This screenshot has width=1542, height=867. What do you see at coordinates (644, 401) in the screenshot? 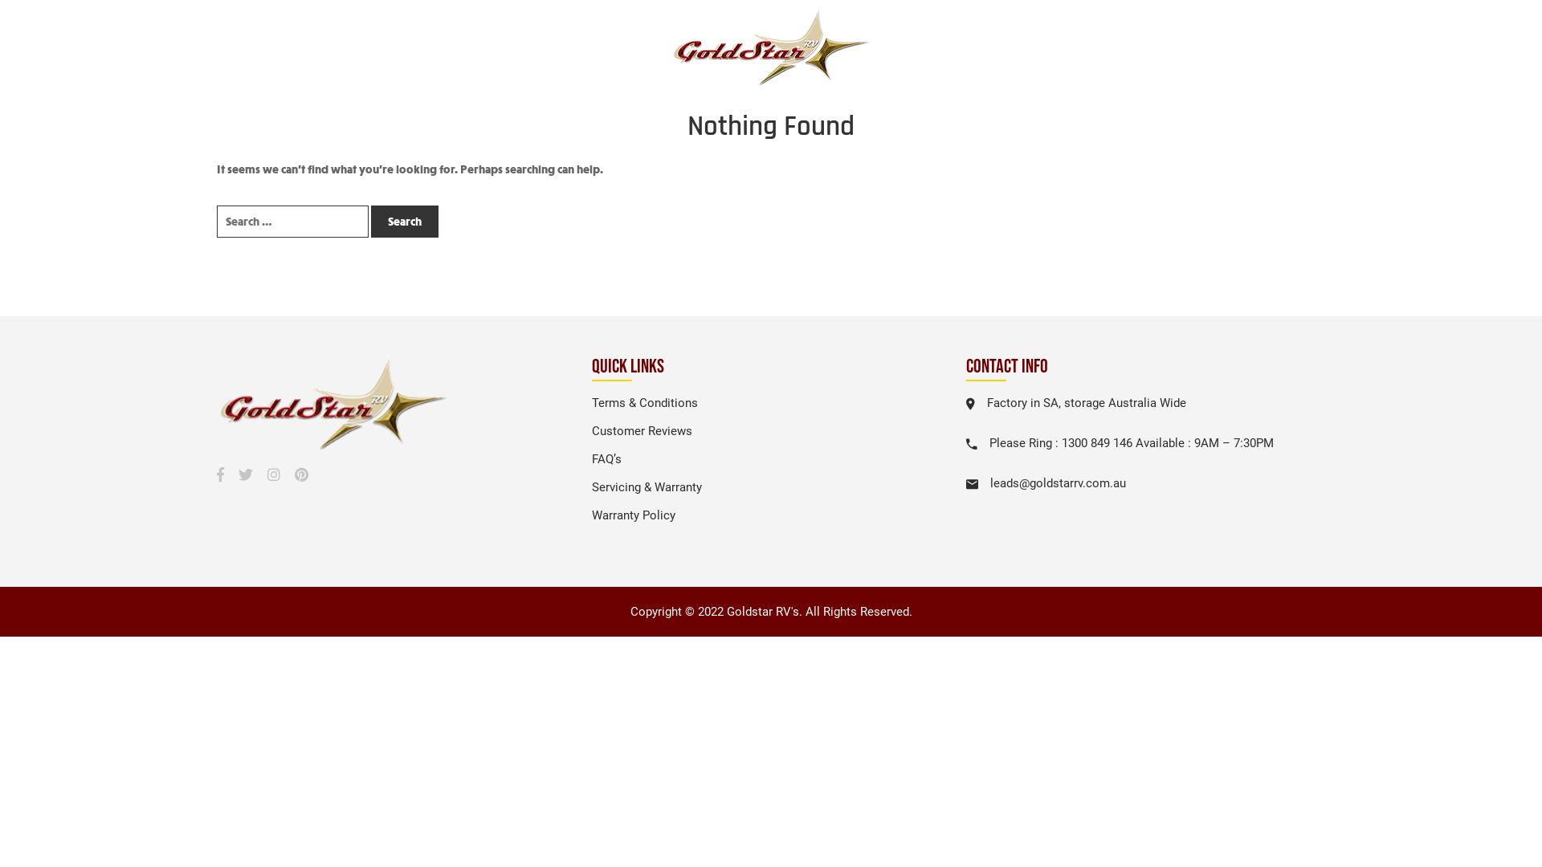
I see `'Terms & Conditions'` at bounding box center [644, 401].